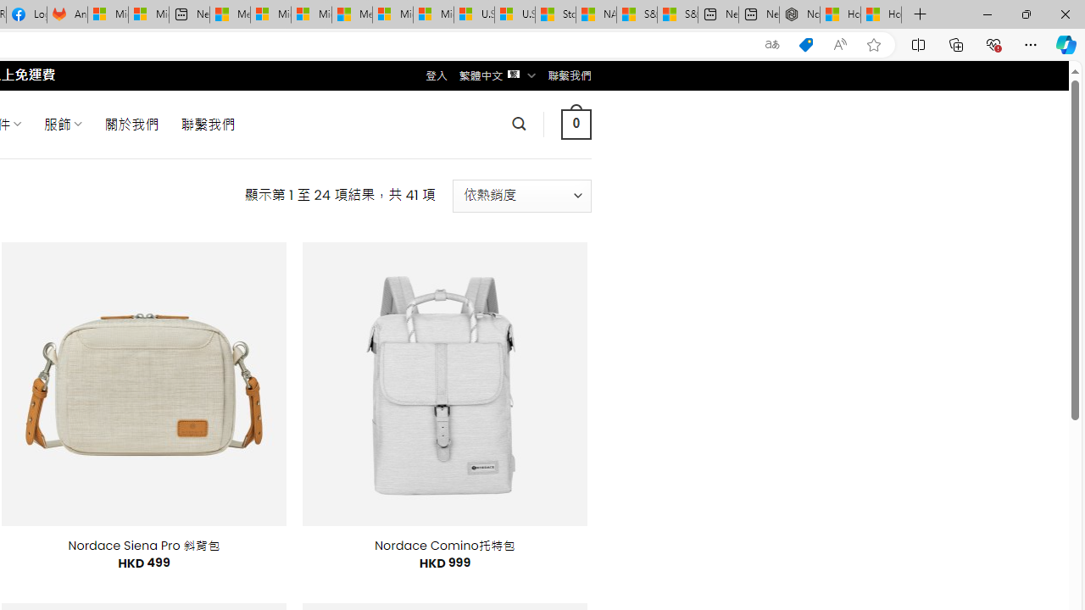 This screenshot has width=1085, height=610. Describe the element at coordinates (840, 44) in the screenshot. I see `'Read aloud this page (Ctrl+Shift+U)'` at that location.